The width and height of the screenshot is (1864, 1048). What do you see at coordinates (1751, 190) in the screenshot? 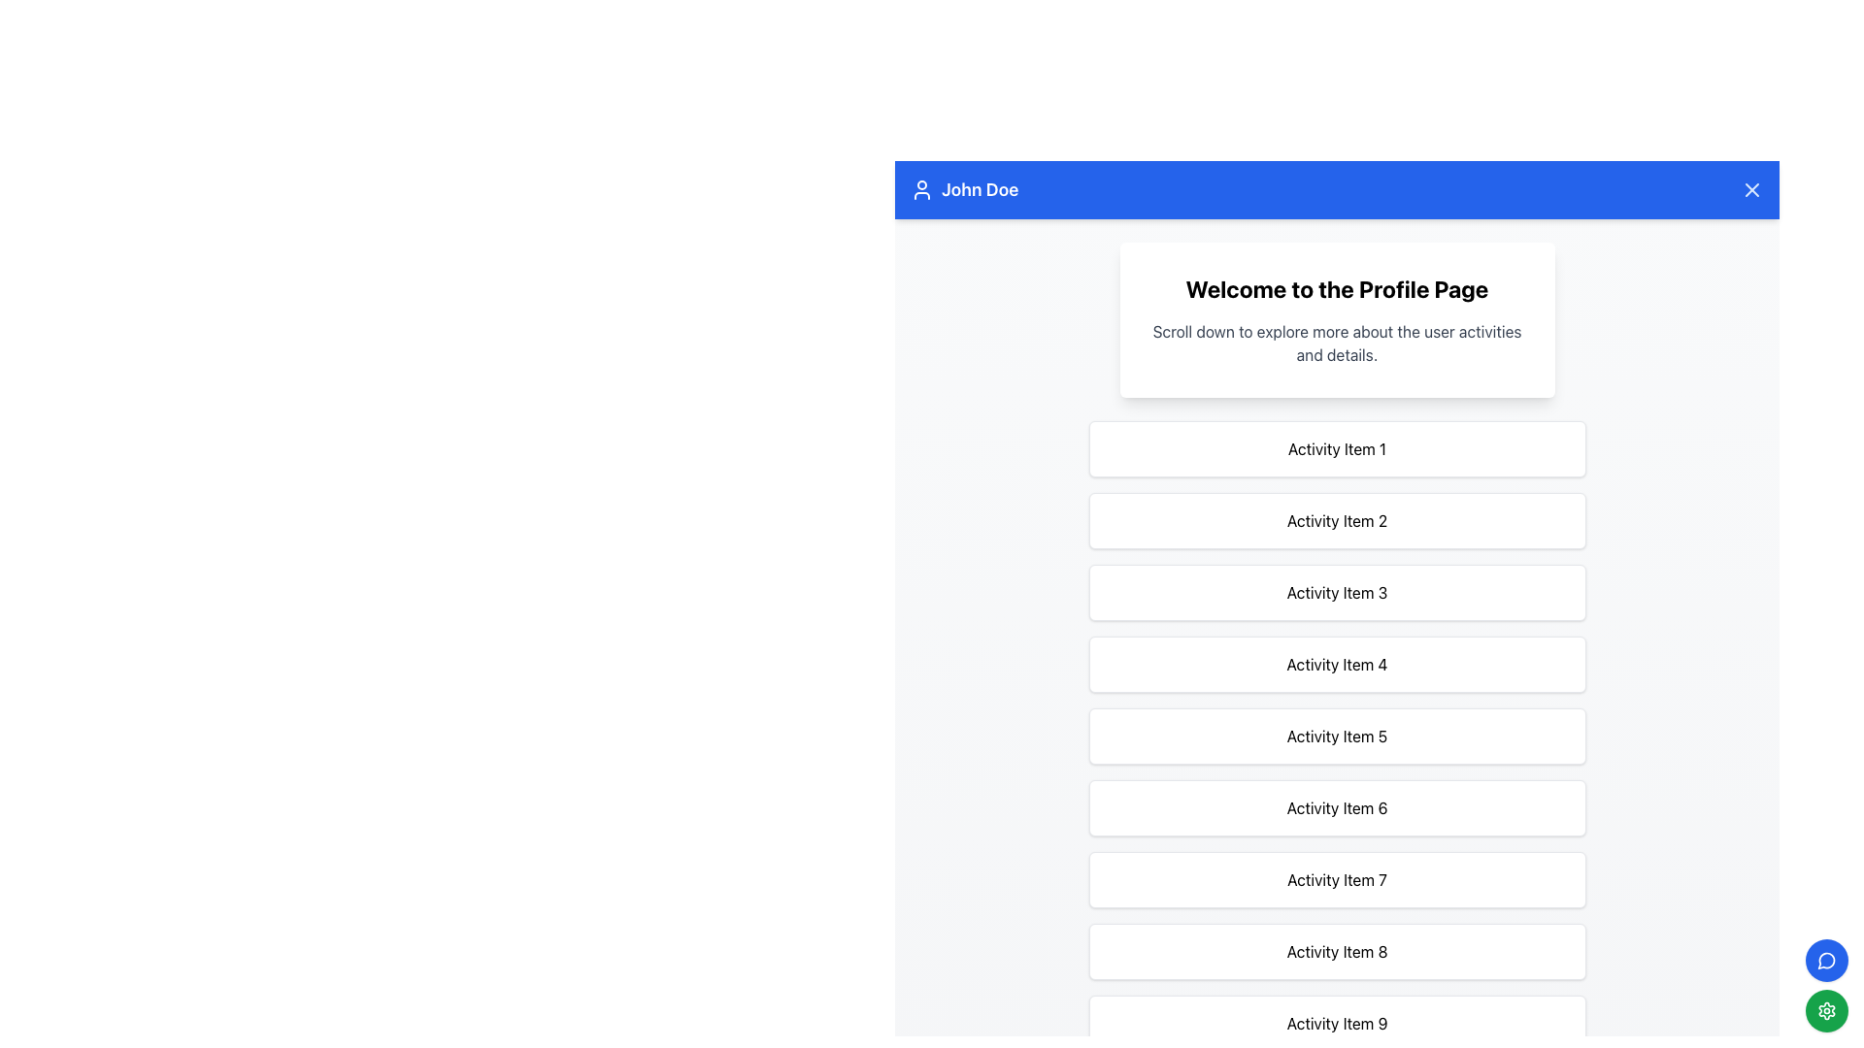
I see `the blue button located at the top-right corner of the navigation bar` at bounding box center [1751, 190].